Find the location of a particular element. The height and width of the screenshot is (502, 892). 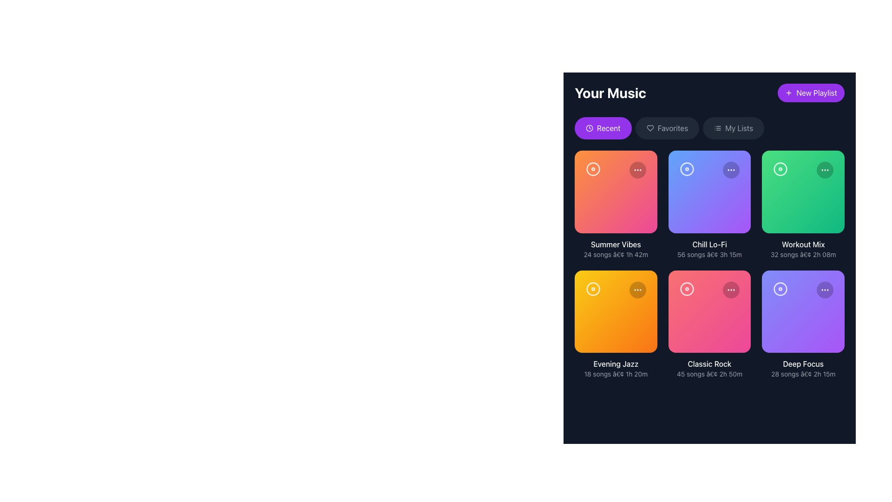

the button with an icon in the lower-right corner of the 'Deep Focus' card is located at coordinates (825, 289).